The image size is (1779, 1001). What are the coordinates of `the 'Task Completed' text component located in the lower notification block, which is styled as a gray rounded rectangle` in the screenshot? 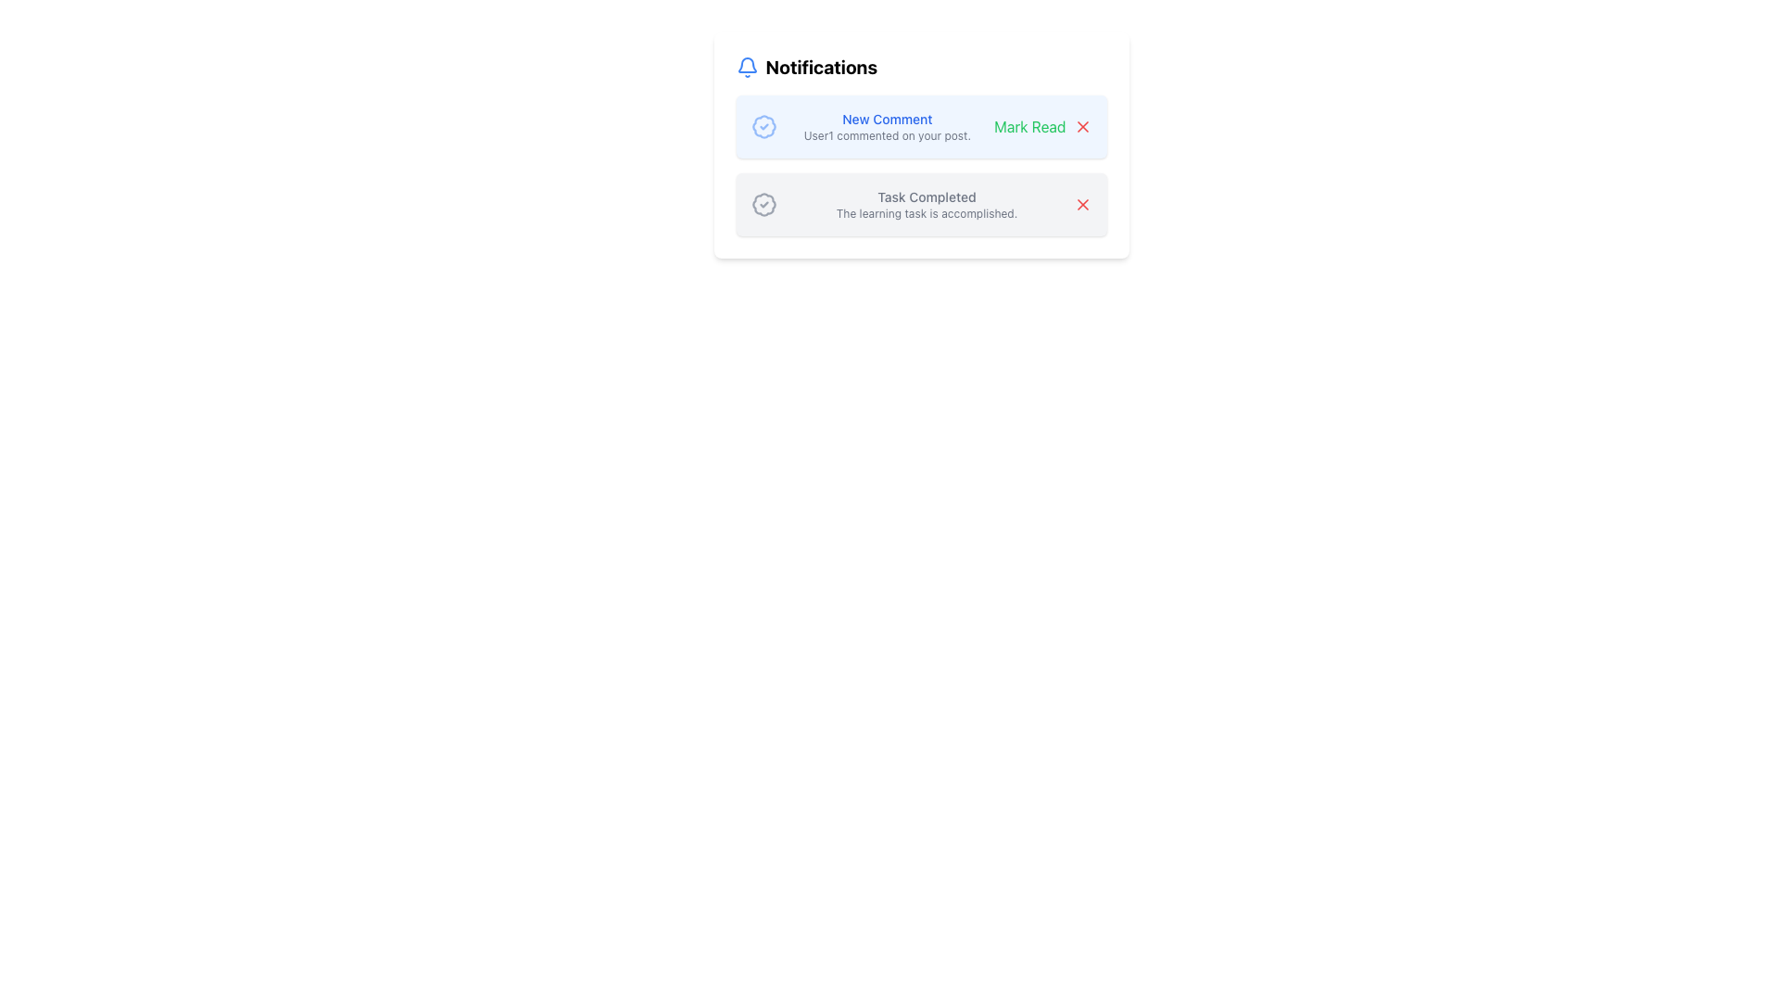 It's located at (927, 204).